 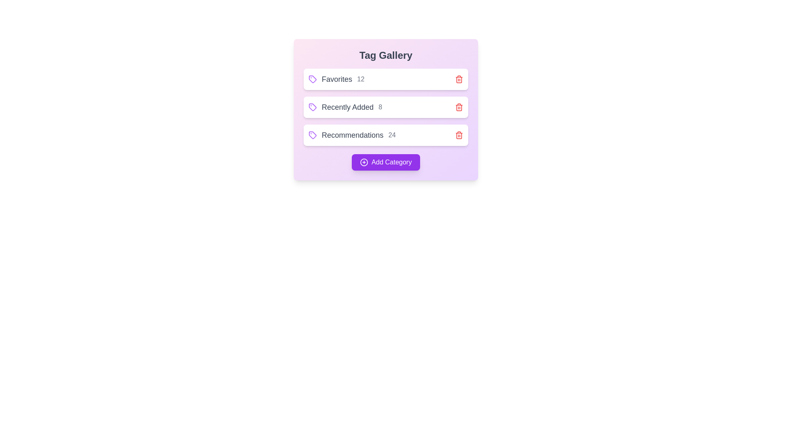 I want to click on the trash icon next to the tag labeled Recently Added to remove it, so click(x=459, y=107).